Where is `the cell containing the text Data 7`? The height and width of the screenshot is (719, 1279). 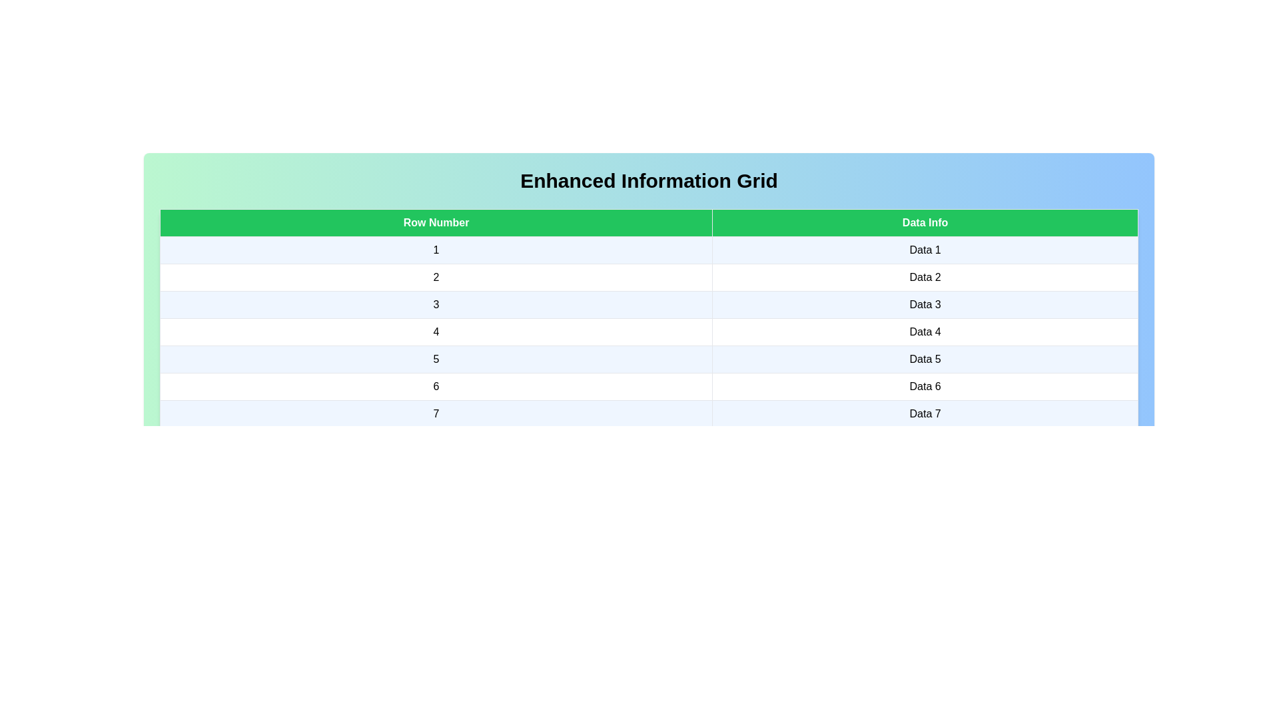 the cell containing the text Data 7 is located at coordinates (925, 413).